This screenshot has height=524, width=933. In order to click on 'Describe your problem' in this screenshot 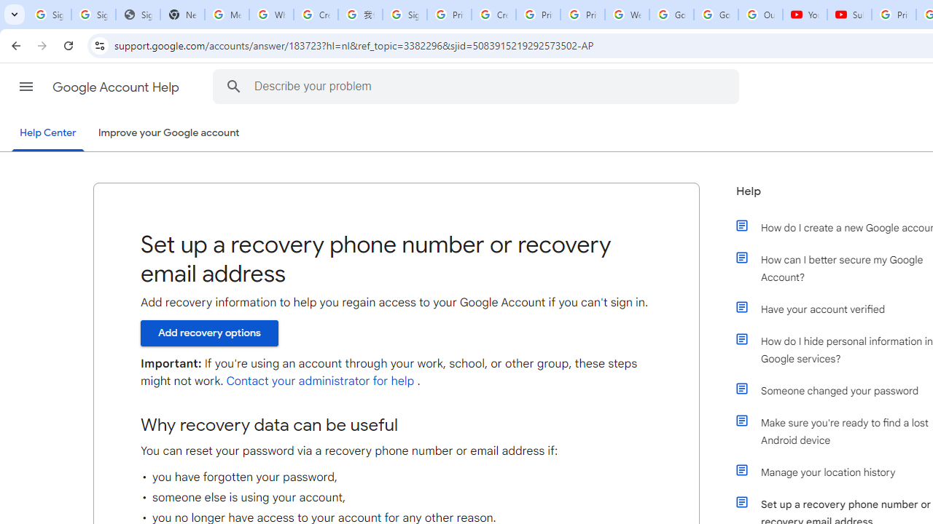, I will do `click(478, 86)`.